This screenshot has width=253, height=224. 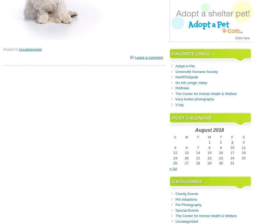 I want to click on '9', so click(x=221, y=147).